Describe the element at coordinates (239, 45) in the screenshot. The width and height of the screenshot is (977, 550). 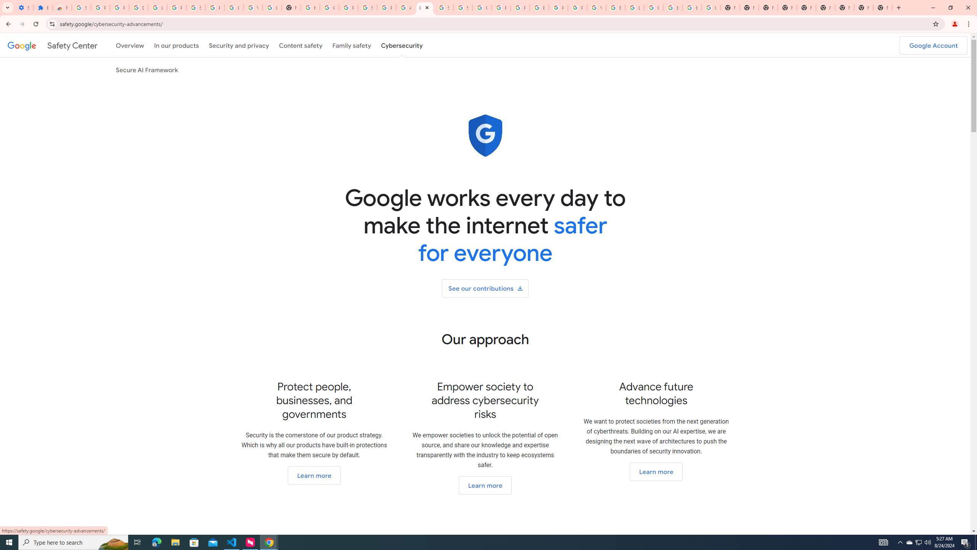
I see `'Security and privacy'` at that location.